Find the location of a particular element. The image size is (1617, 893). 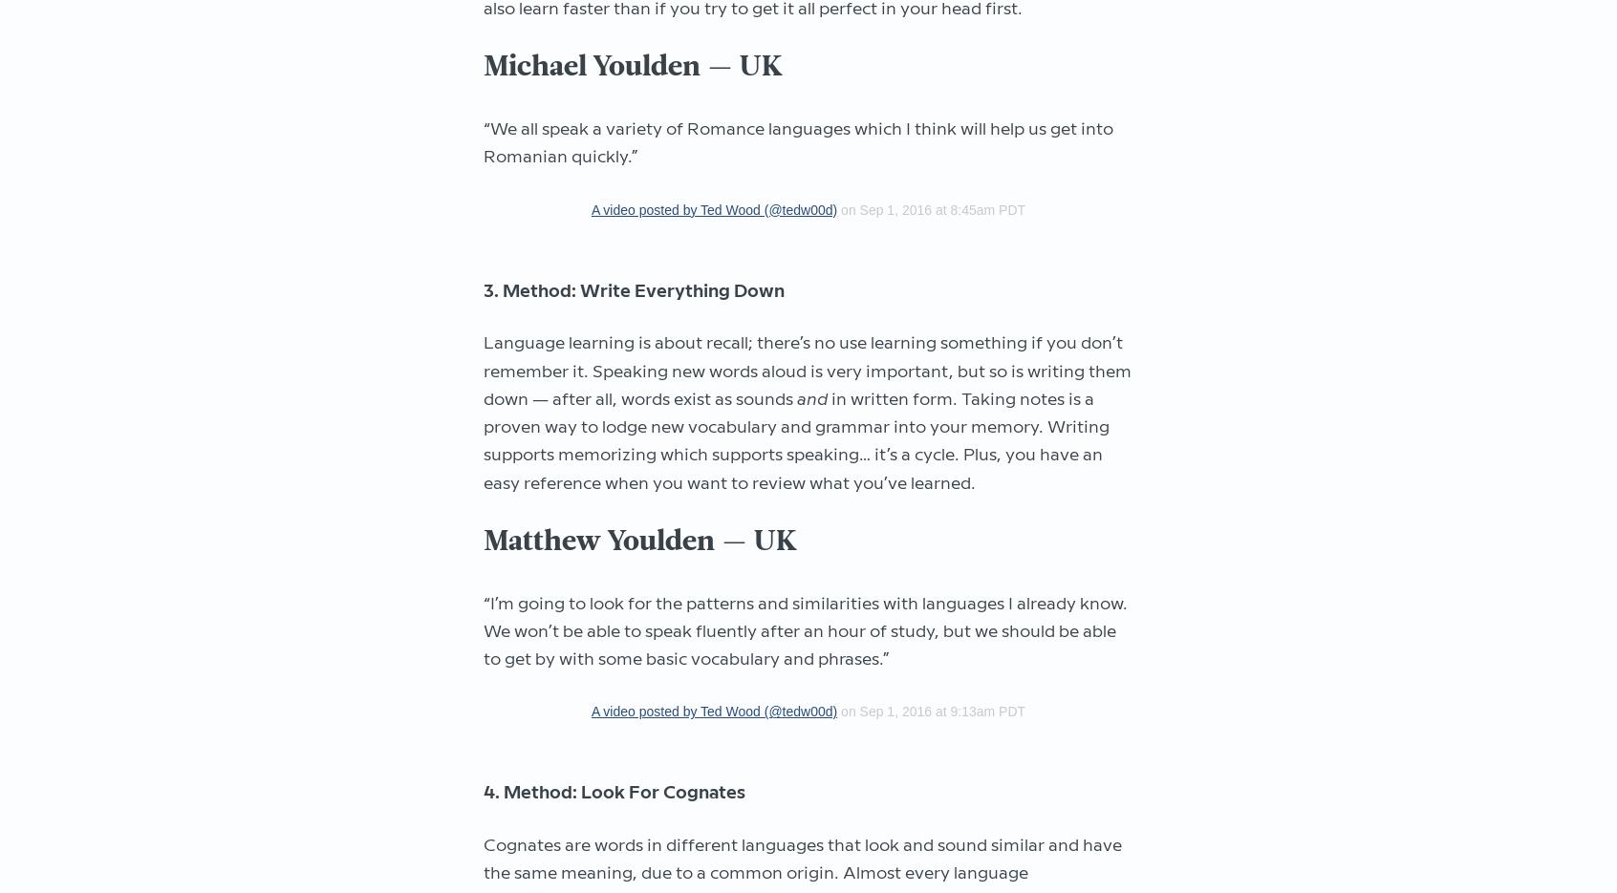

'4. Method: Look For Cognates' is located at coordinates (484, 793).